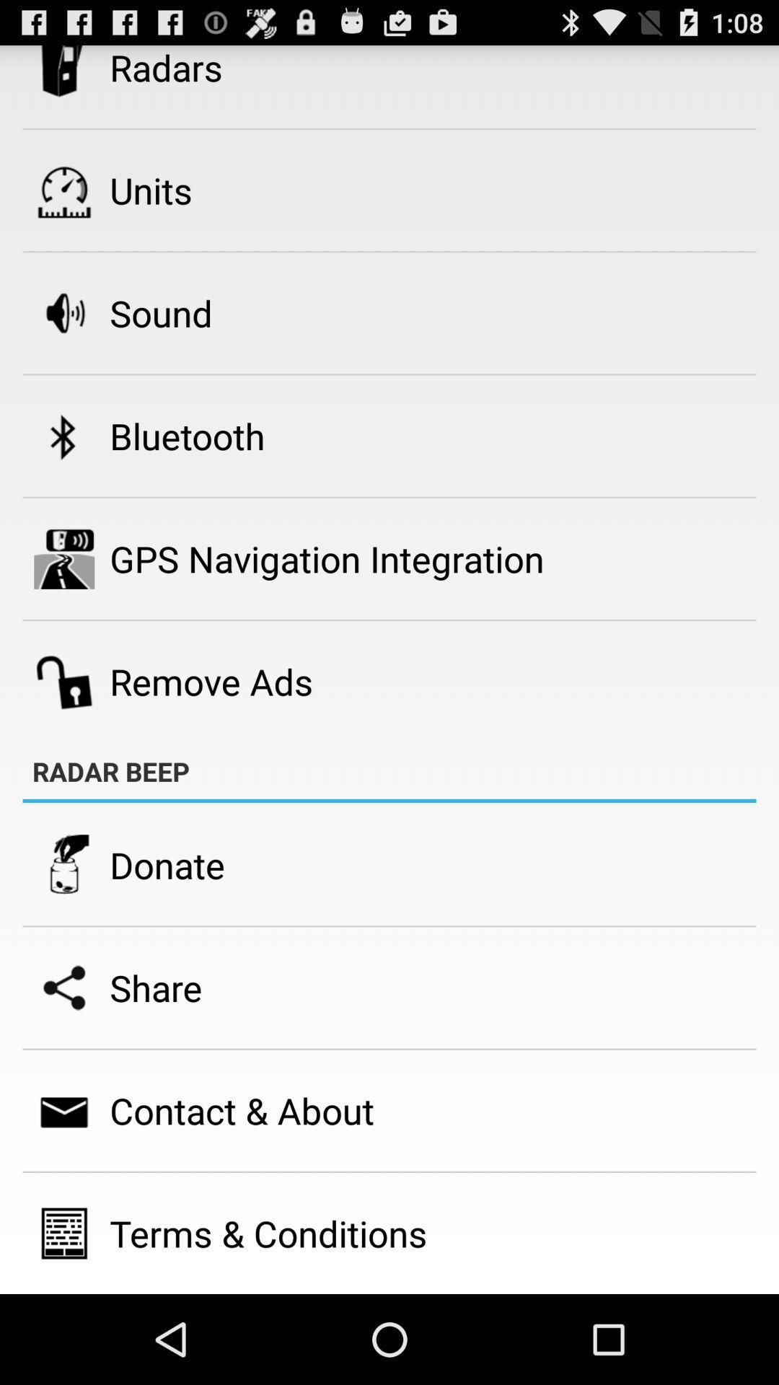 The image size is (779, 1385). I want to click on the share, so click(156, 987).